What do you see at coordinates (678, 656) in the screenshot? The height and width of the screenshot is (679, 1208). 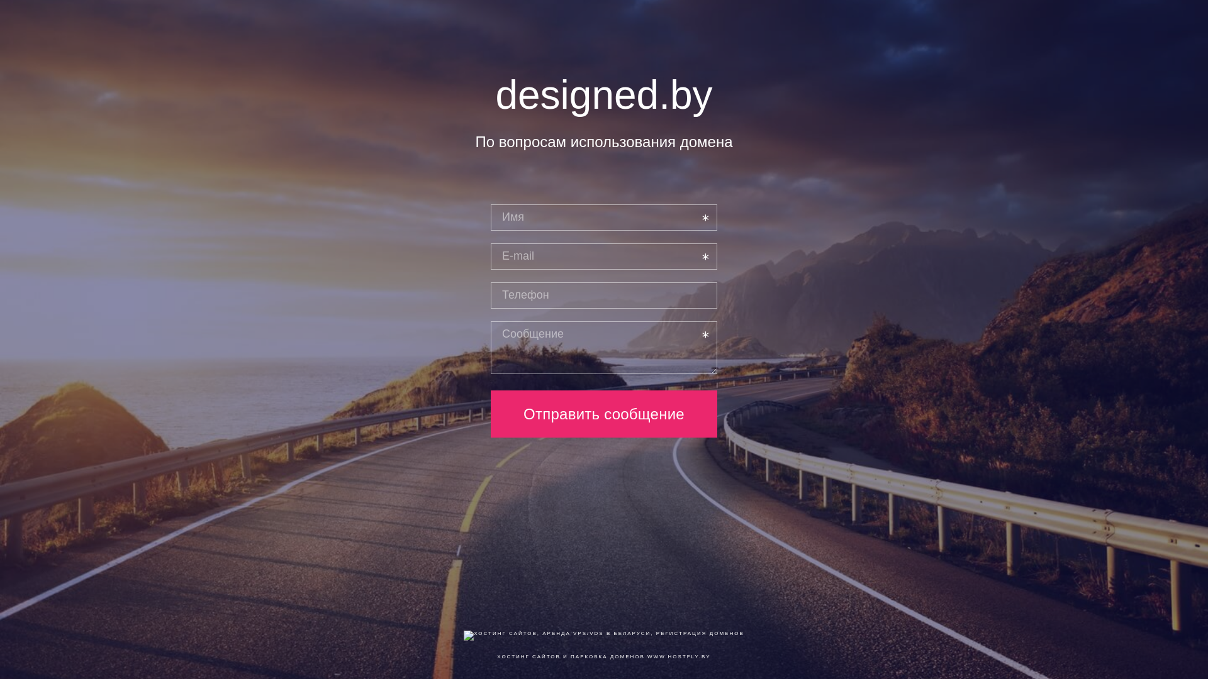 I see `'WWW.HOSTFLY.BY'` at bounding box center [678, 656].